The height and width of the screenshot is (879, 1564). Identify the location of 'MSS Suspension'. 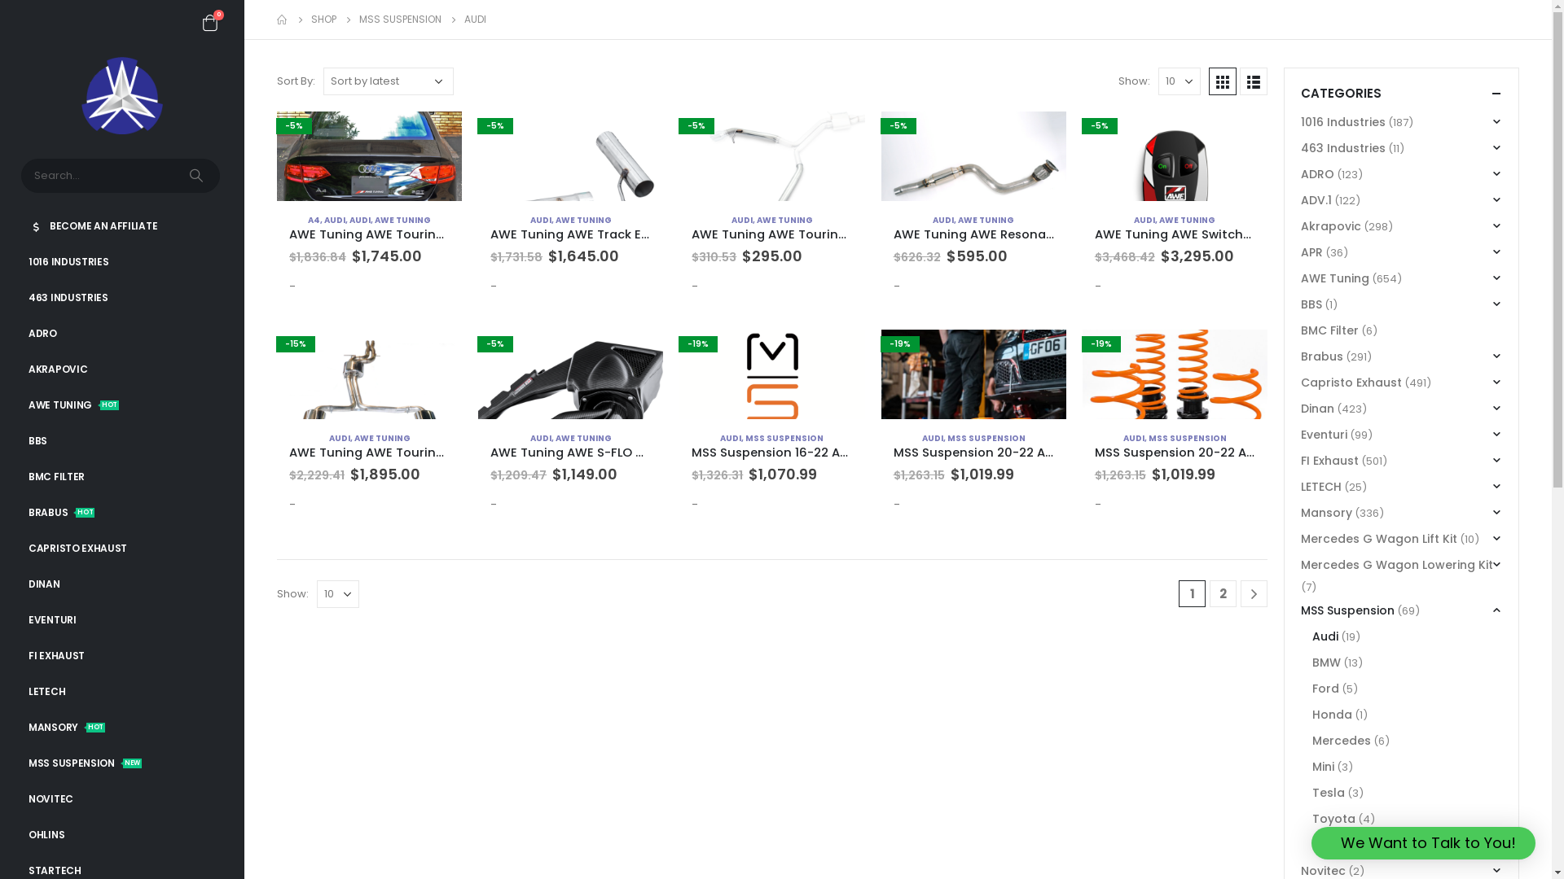
(1347, 610).